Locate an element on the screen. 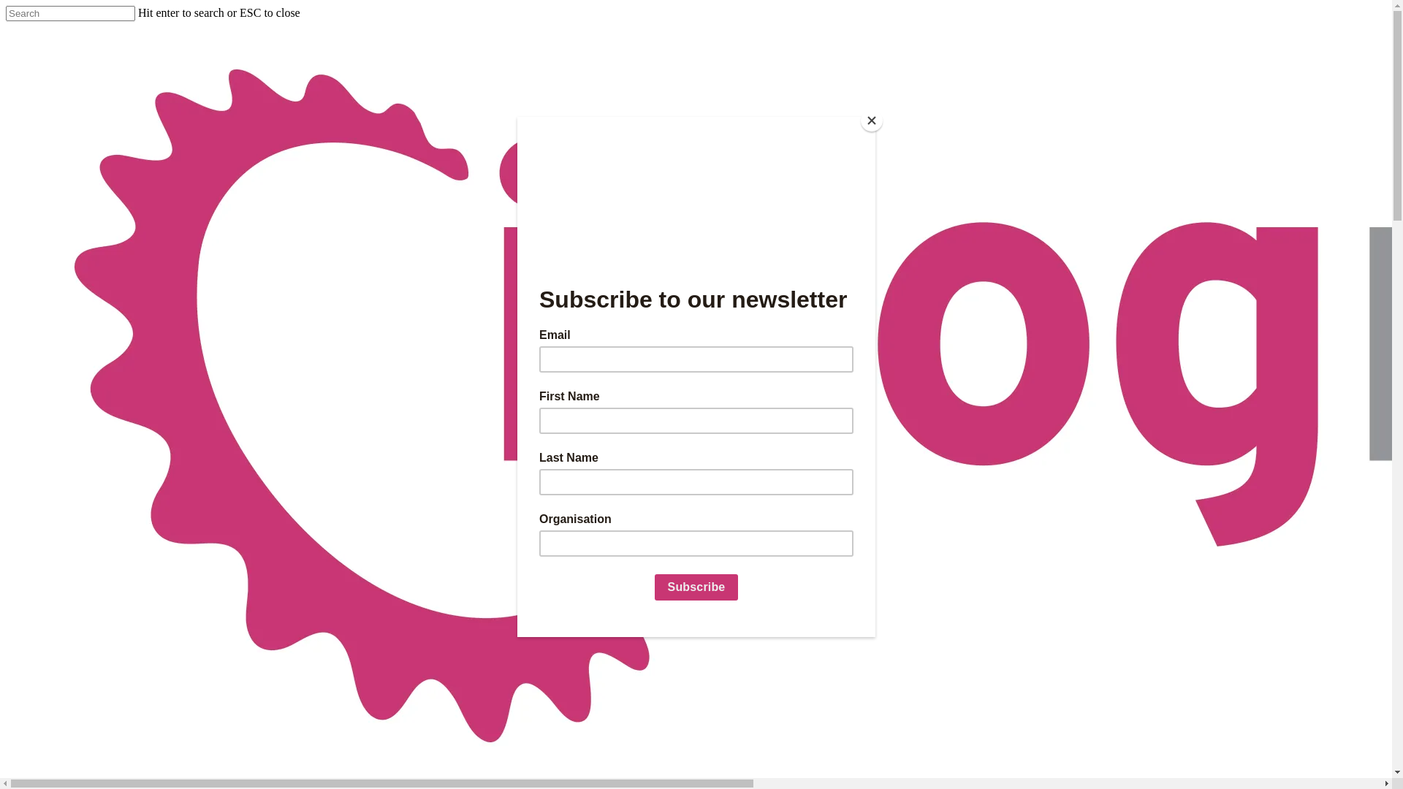 This screenshot has width=1403, height=789. 'Skip to main content' is located at coordinates (5, 5).